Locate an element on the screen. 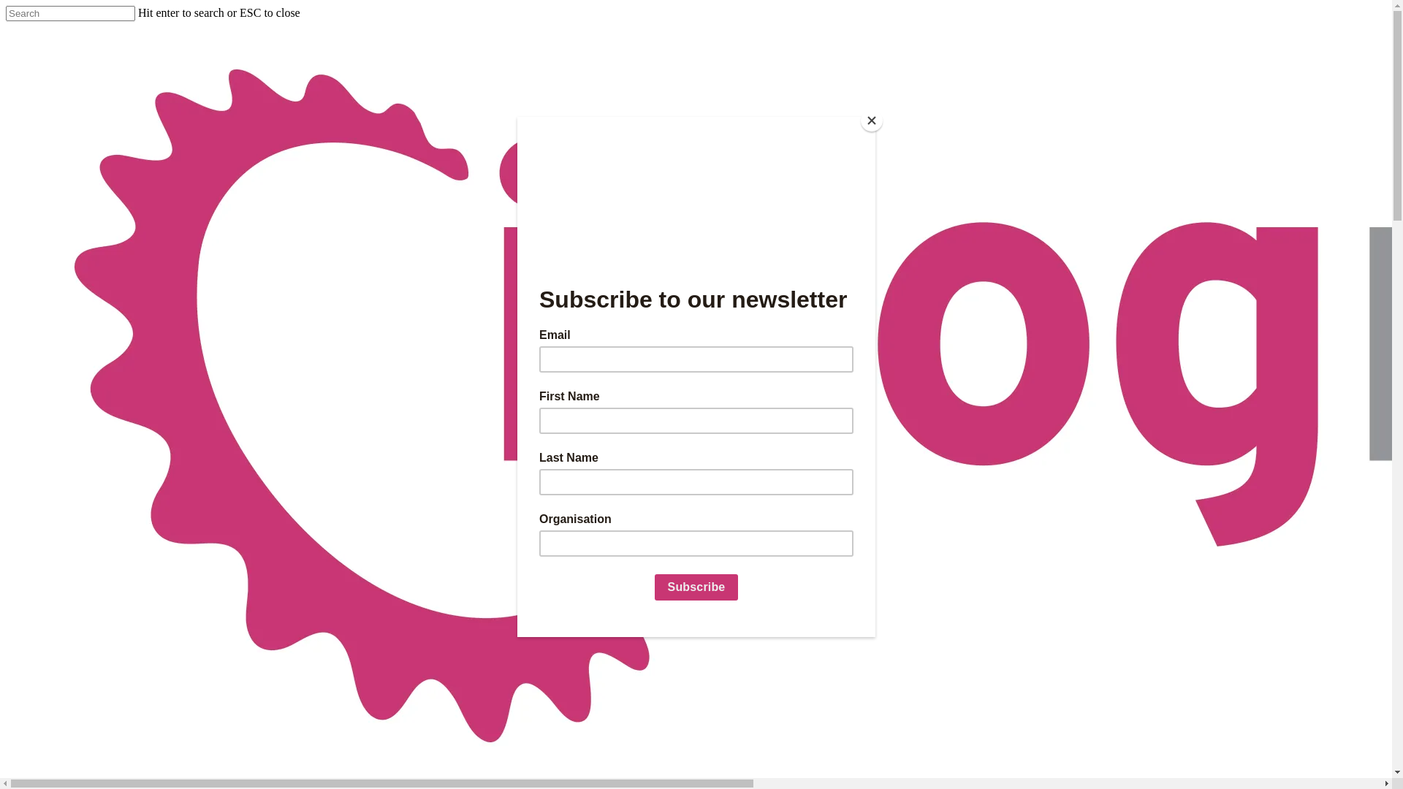 This screenshot has width=1403, height=789. 'Skip to main content' is located at coordinates (5, 5).